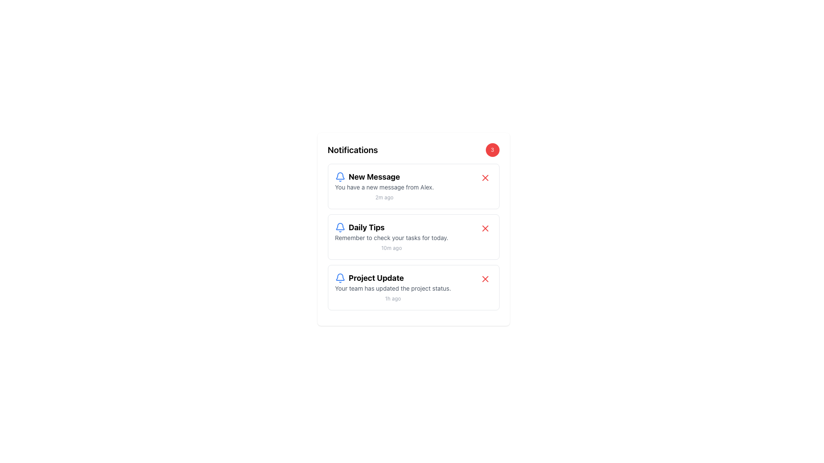 This screenshot has height=463, width=824. Describe the element at coordinates (485, 228) in the screenshot. I see `the Close button located in the second notification card labeled 'Daily Tips'` at that location.